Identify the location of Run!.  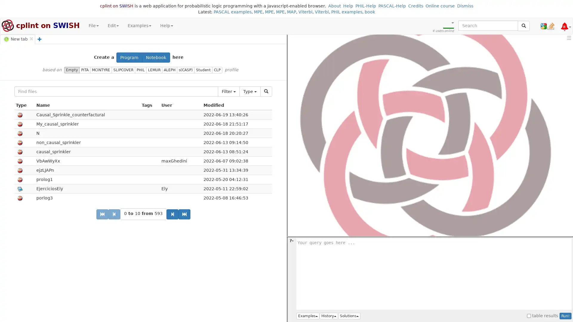
(565, 316).